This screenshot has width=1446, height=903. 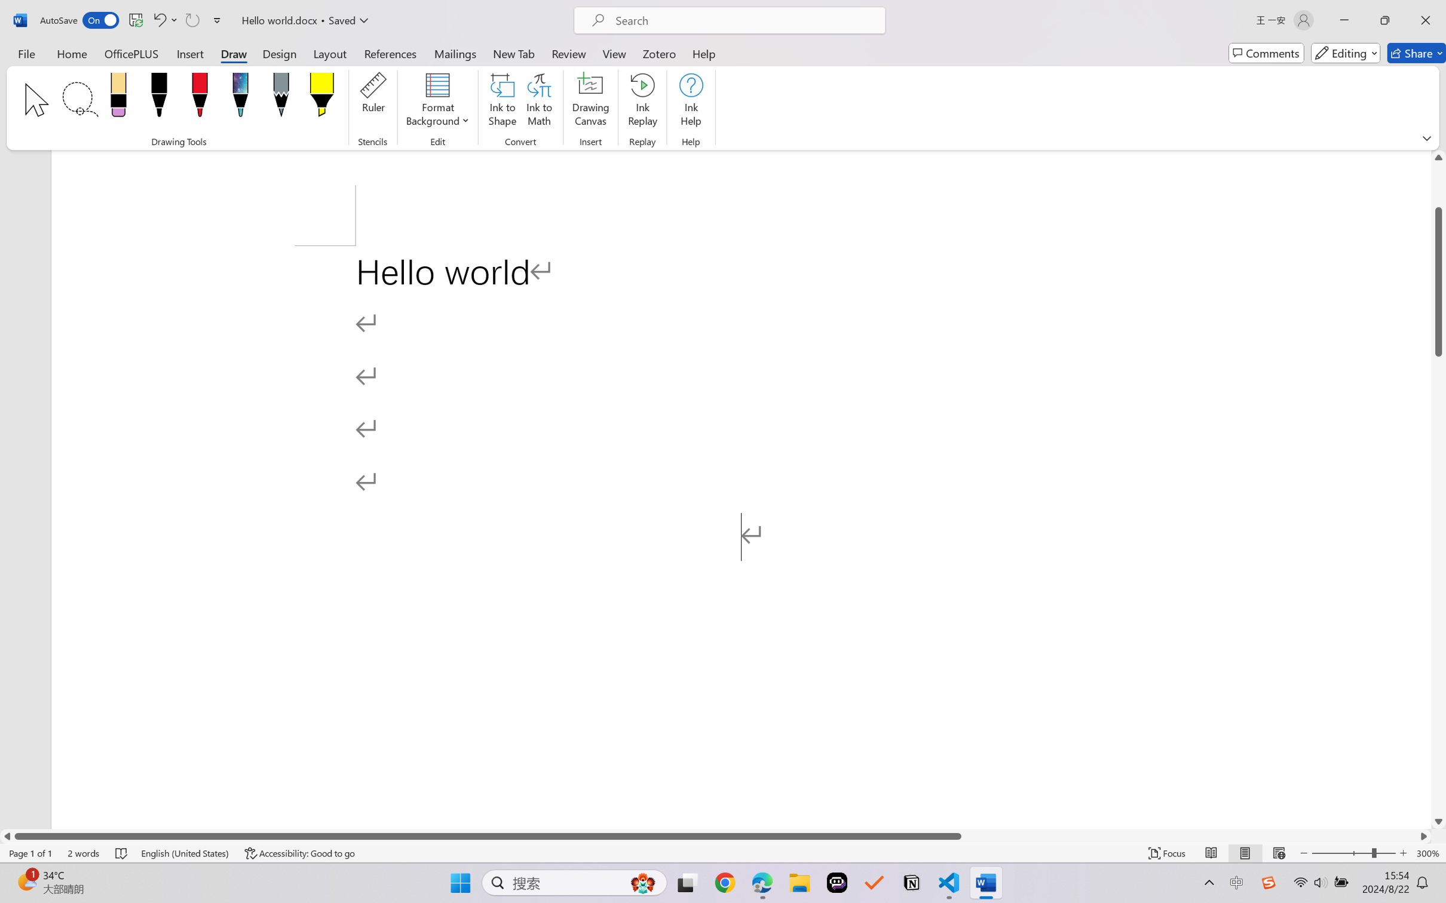 I want to click on 'Zoom', so click(x=1354, y=853).